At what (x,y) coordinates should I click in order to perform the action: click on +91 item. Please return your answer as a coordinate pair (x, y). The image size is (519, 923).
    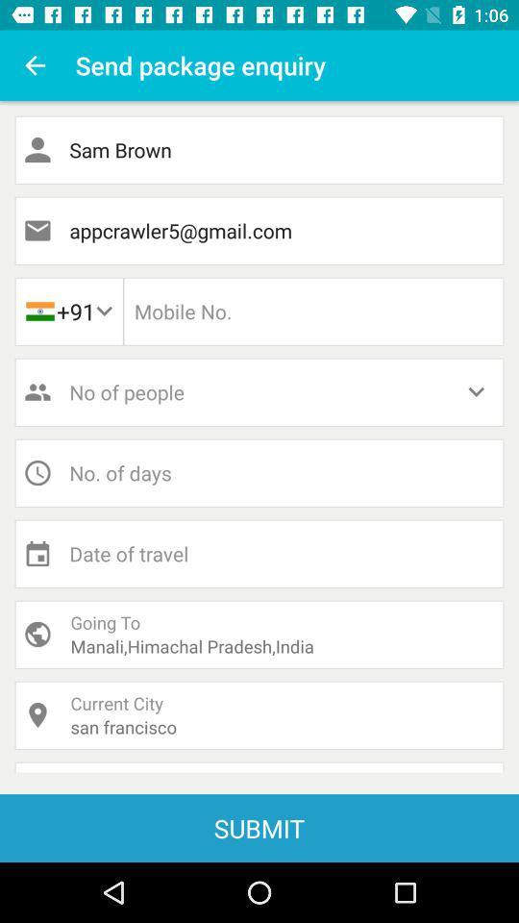
    Looking at the image, I should click on (67, 312).